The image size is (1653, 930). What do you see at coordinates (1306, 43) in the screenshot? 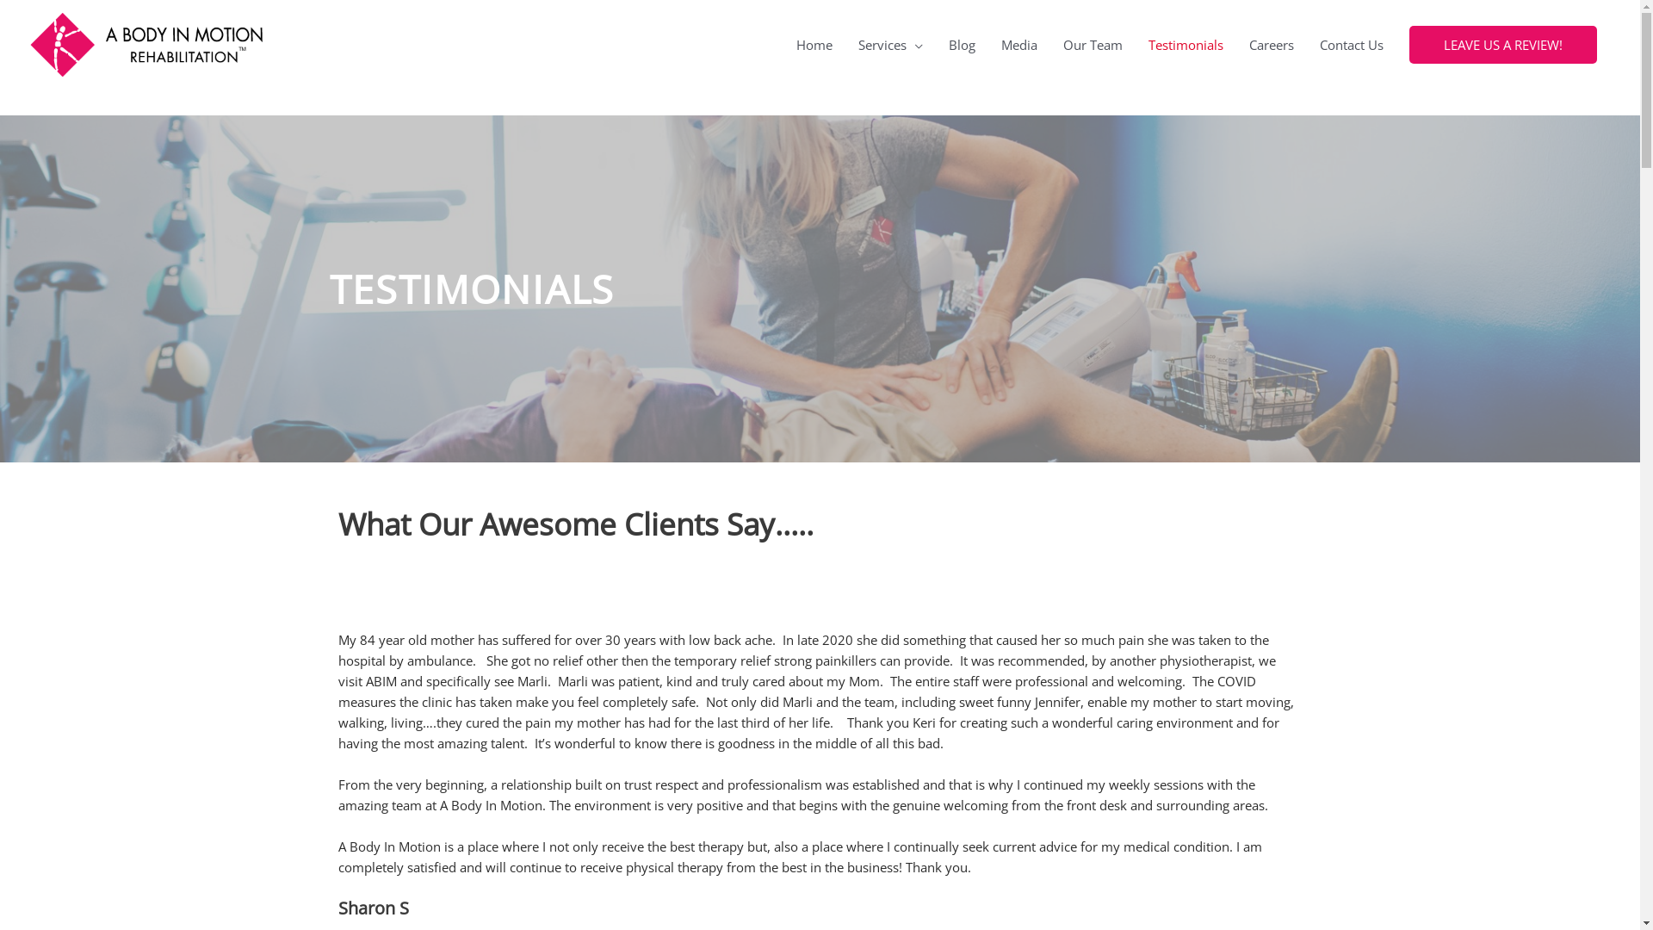
I see `'Contact Us'` at bounding box center [1306, 43].